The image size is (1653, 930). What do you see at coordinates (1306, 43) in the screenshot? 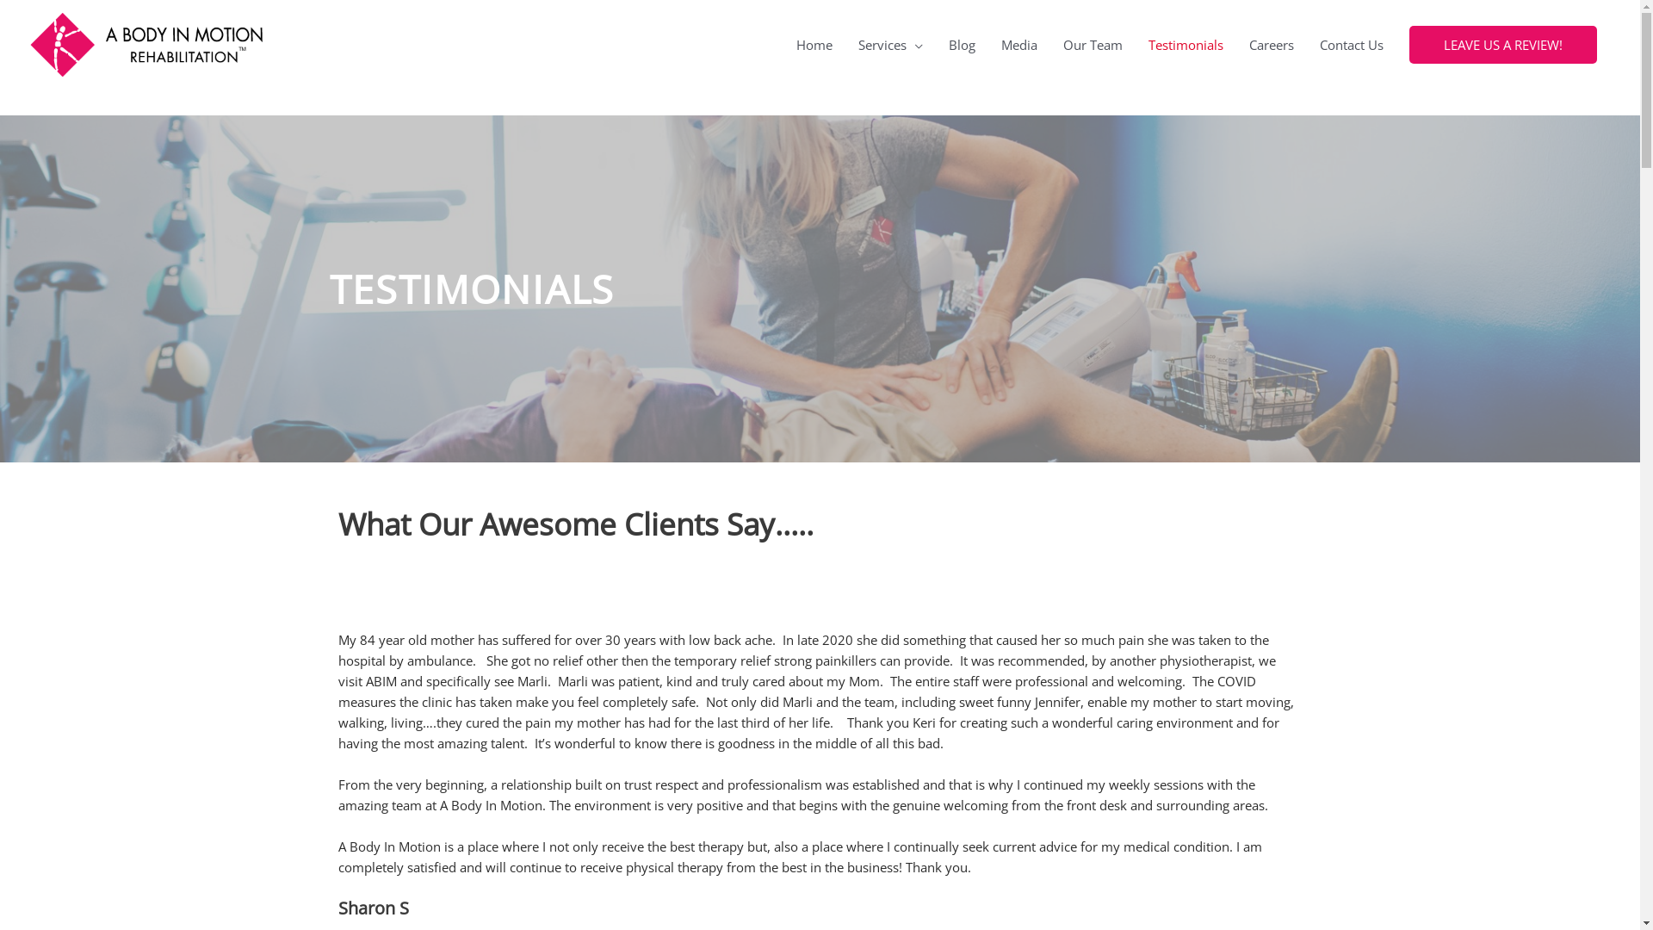
I see `'Contact Us'` at bounding box center [1306, 43].